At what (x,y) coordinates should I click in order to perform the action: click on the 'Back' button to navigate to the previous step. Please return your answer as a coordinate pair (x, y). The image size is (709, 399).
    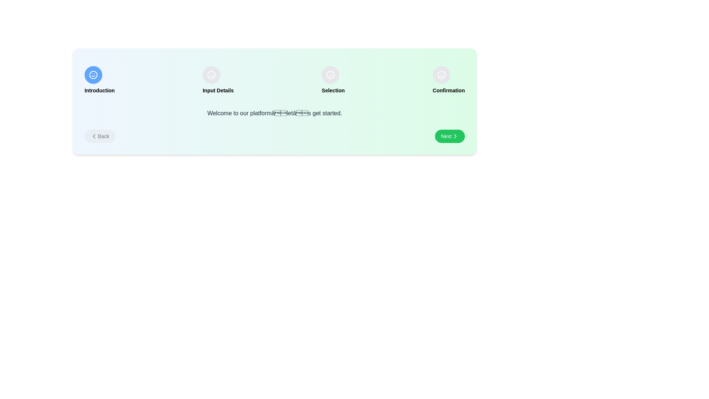
    Looking at the image, I should click on (99, 136).